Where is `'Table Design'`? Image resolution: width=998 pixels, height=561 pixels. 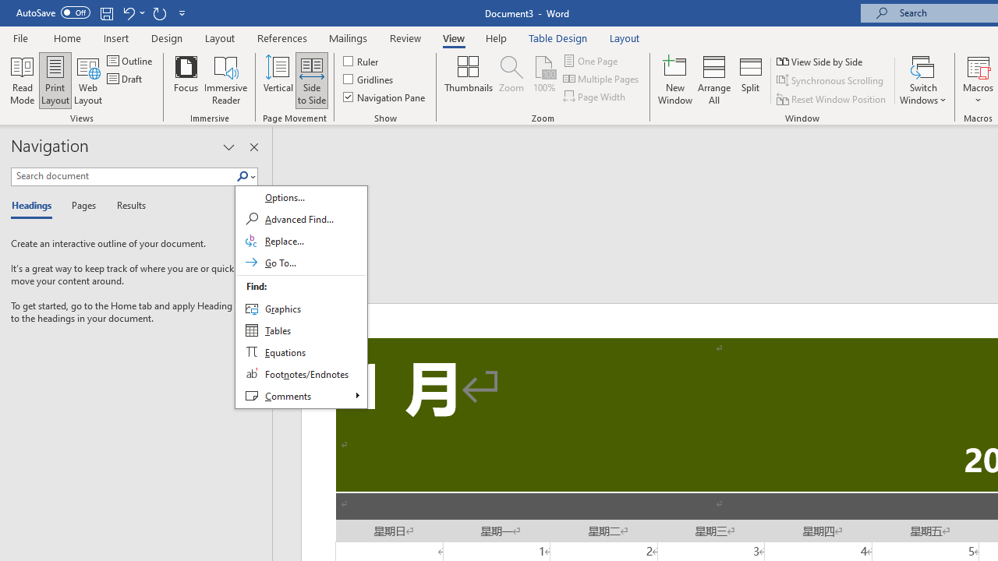
'Table Design' is located at coordinates (558, 37).